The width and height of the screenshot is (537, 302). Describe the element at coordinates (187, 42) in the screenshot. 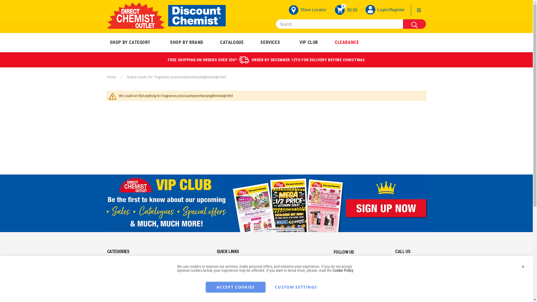

I see `'SHOP BY BRAND'` at that location.